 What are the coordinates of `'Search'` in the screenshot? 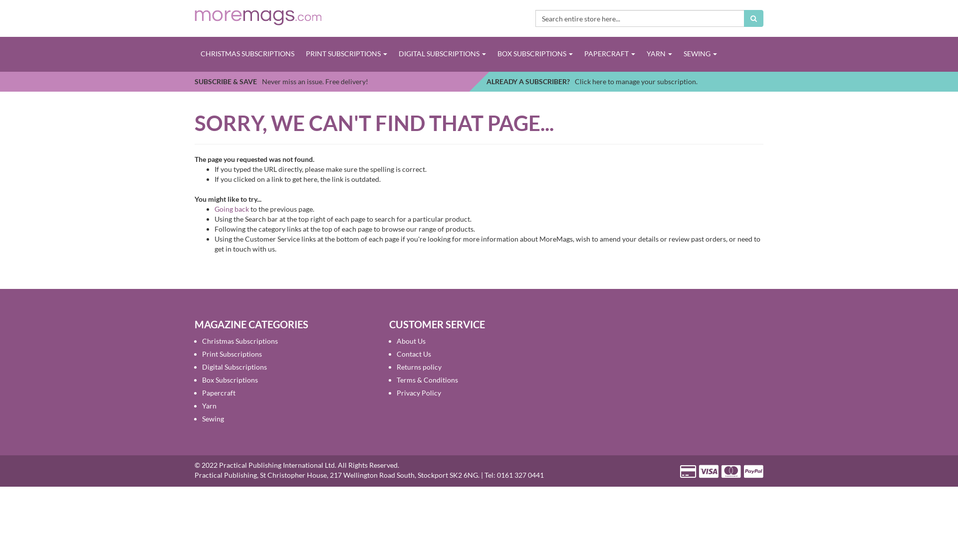 It's located at (753, 18).